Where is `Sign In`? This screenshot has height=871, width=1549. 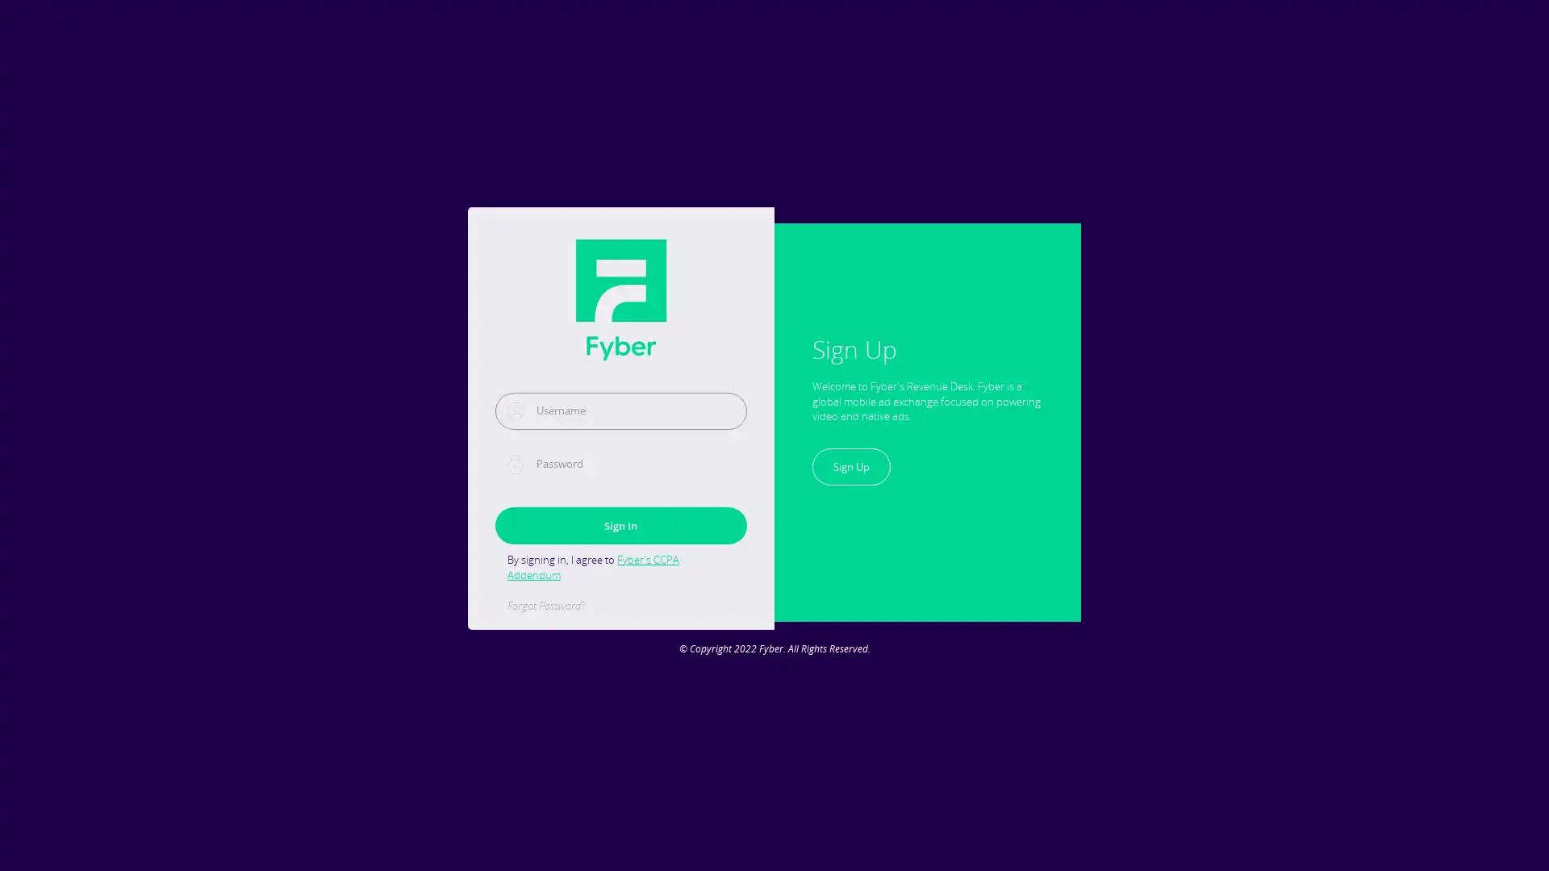 Sign In is located at coordinates (620, 525).